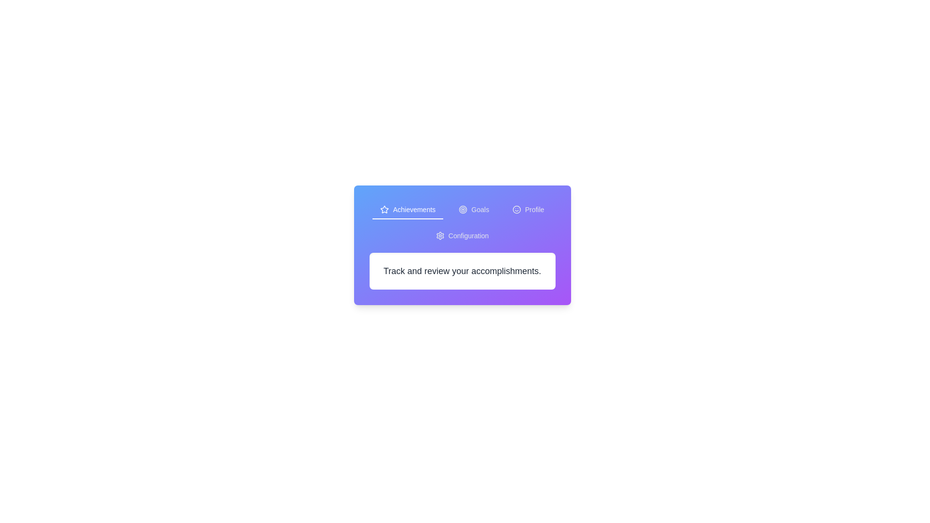 The height and width of the screenshot is (523, 930). I want to click on the Achievements tab, so click(408, 210).